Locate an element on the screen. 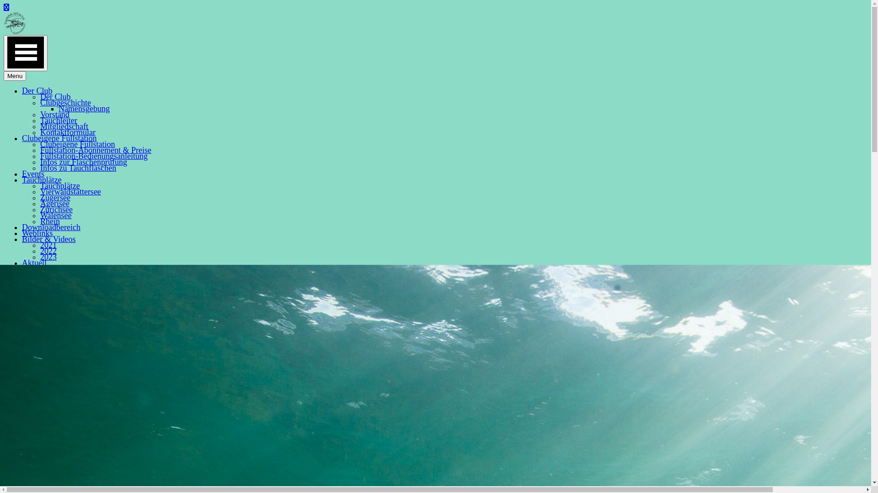 This screenshot has height=493, width=878. 'Kontaktformular' is located at coordinates (39, 132).